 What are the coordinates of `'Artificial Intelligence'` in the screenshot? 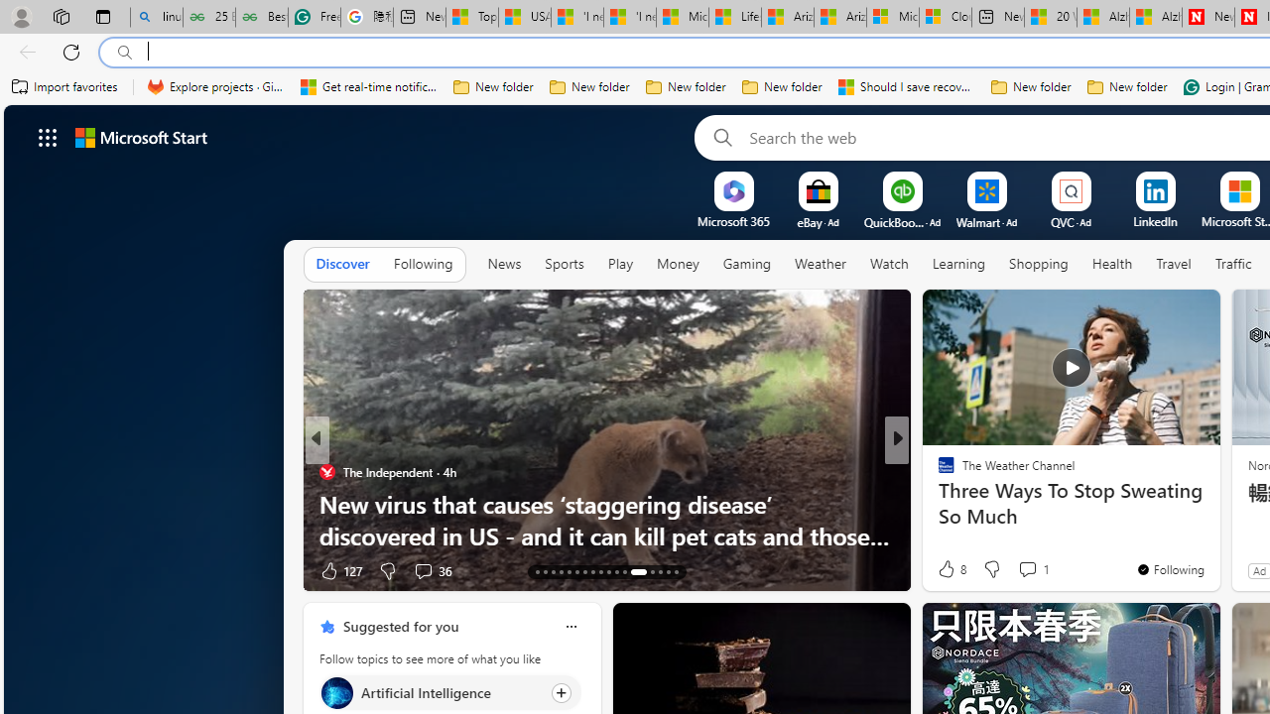 It's located at (336, 691).